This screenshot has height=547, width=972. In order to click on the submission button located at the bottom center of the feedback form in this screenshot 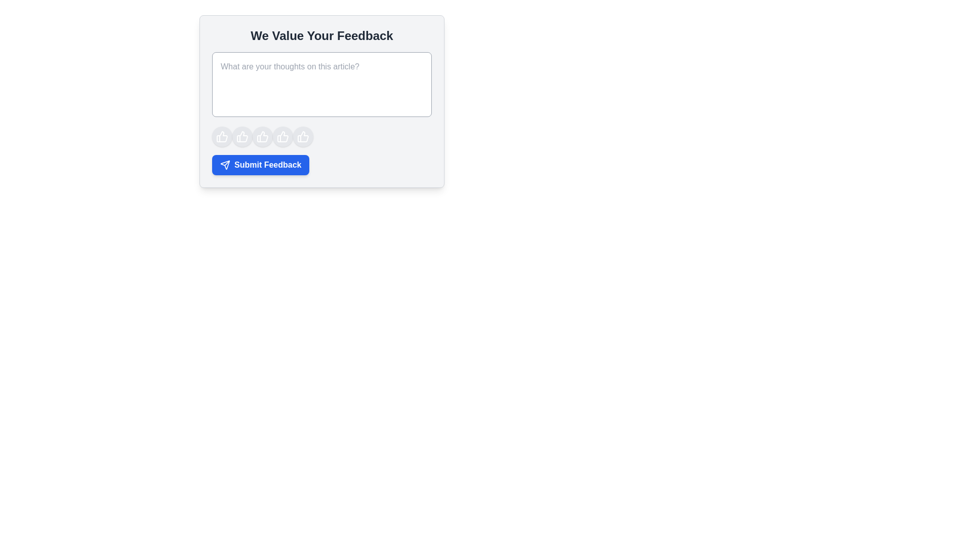, I will do `click(261, 165)`.